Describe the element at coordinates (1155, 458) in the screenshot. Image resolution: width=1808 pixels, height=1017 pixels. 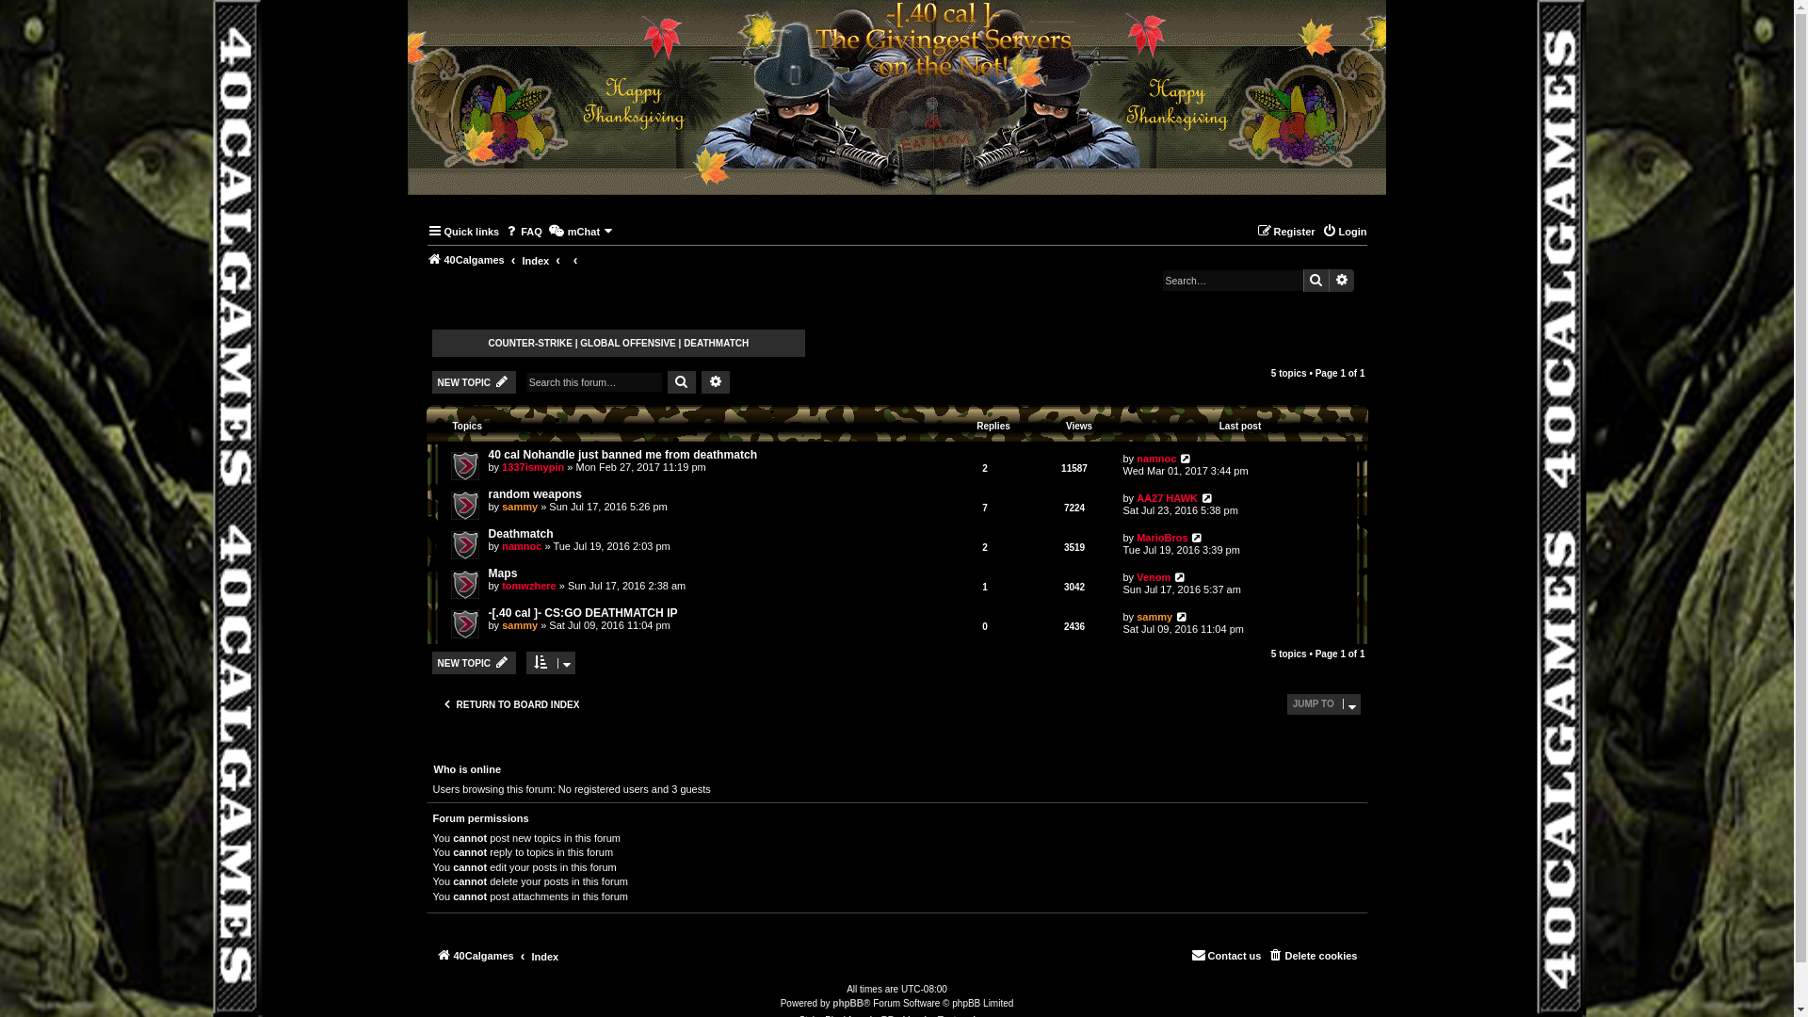
I see `'namnoc'` at that location.